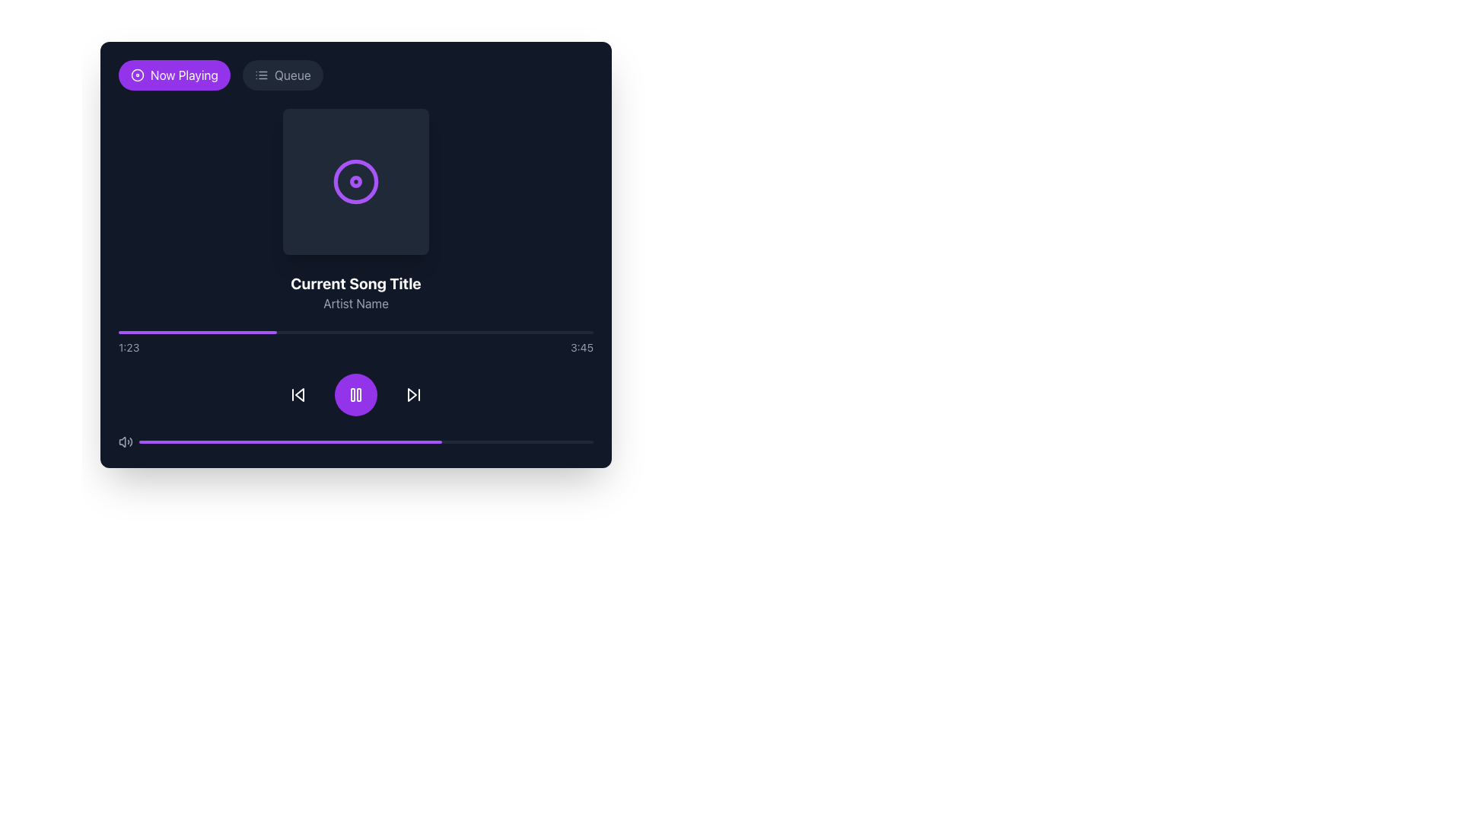 The image size is (1461, 822). What do you see at coordinates (355, 293) in the screenshot?
I see `the text display that shows the current song's title and artist name, located centrally below the graphical disc element and above the progress bar` at bounding box center [355, 293].